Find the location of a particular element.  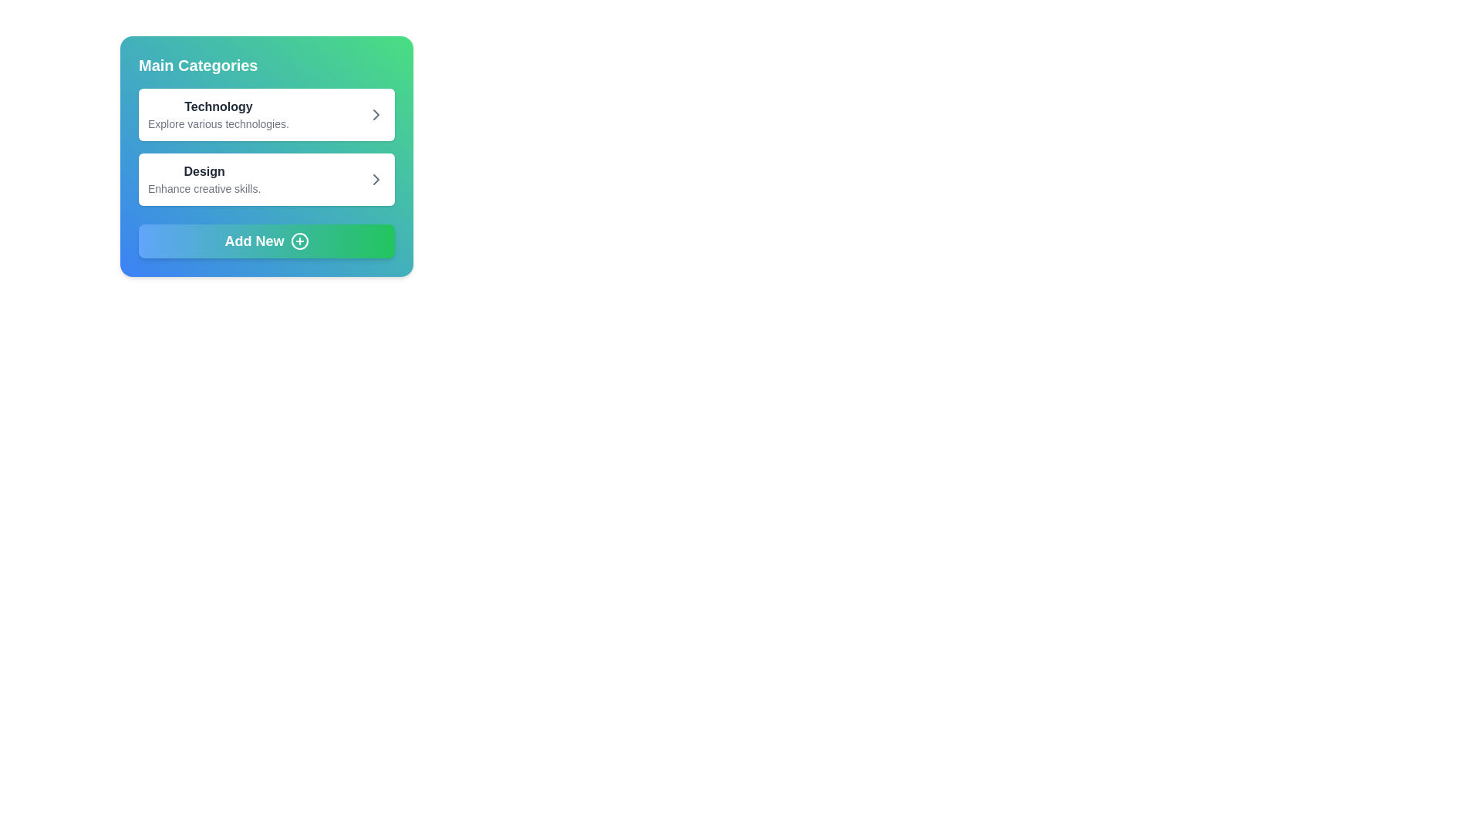

the Chevron icon located in the top-right corner of the first card under 'Main Categories' to provide visual feedback is located at coordinates (376, 114).